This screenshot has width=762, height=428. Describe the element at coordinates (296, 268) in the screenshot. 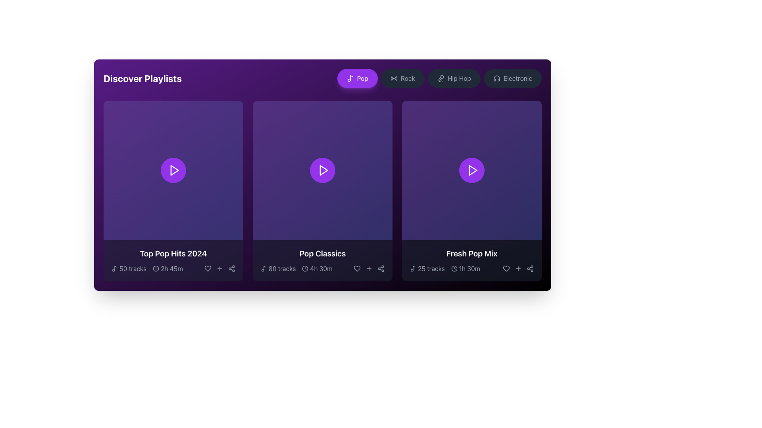

I see `the informational text with icons located at the bottom-left corner of the 'Pop Classics' card, which provides details about the number of tracks and total duration of the playlist` at that location.